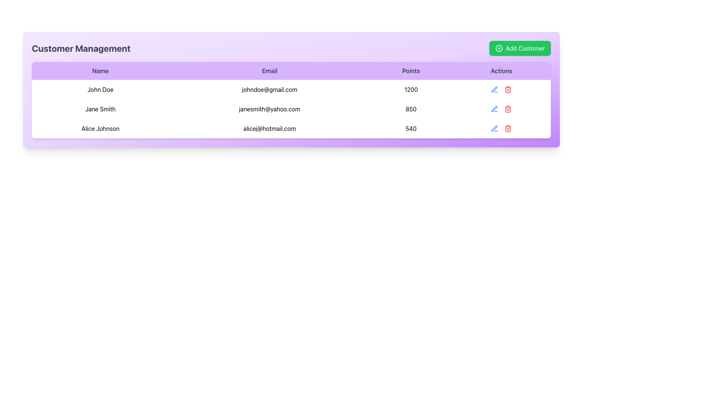 This screenshot has width=720, height=405. I want to click on the red trash can icon in the 'Actions' column of the first row of the table to initiate a delete action, so click(508, 89).